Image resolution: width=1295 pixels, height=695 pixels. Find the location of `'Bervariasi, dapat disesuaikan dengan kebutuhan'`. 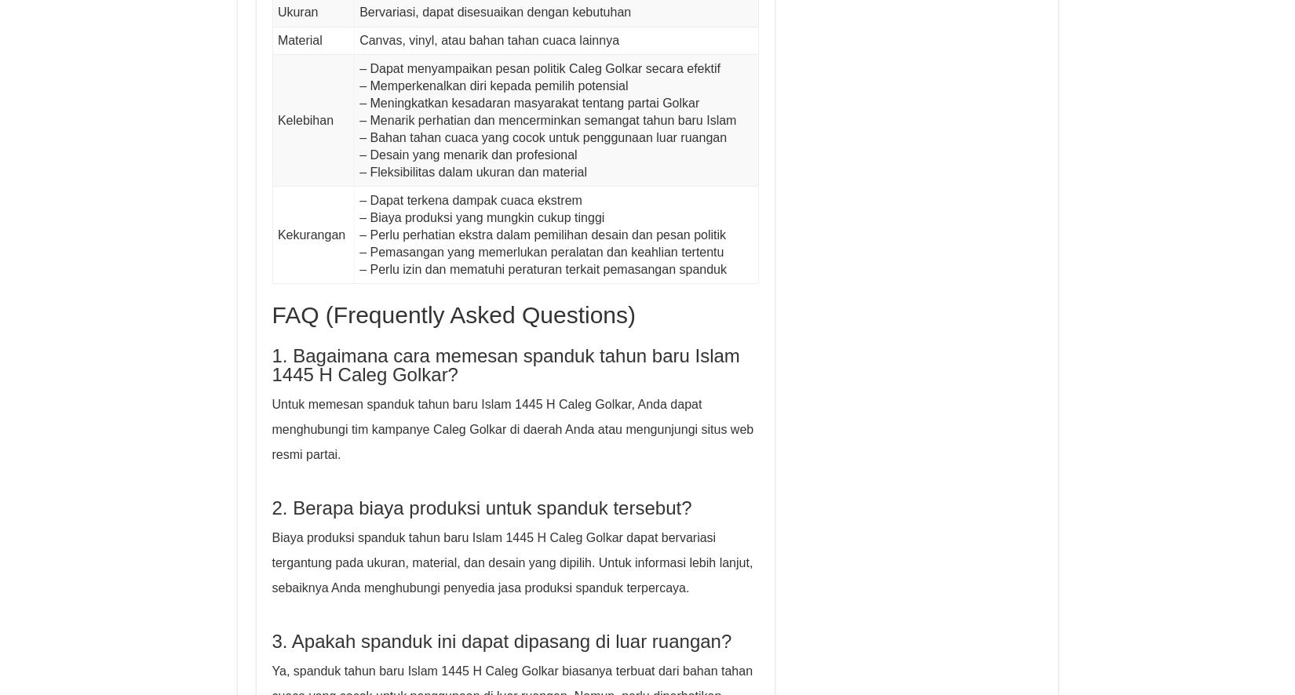

'Bervariasi, dapat disesuaikan dengan kebutuhan' is located at coordinates (494, 12).